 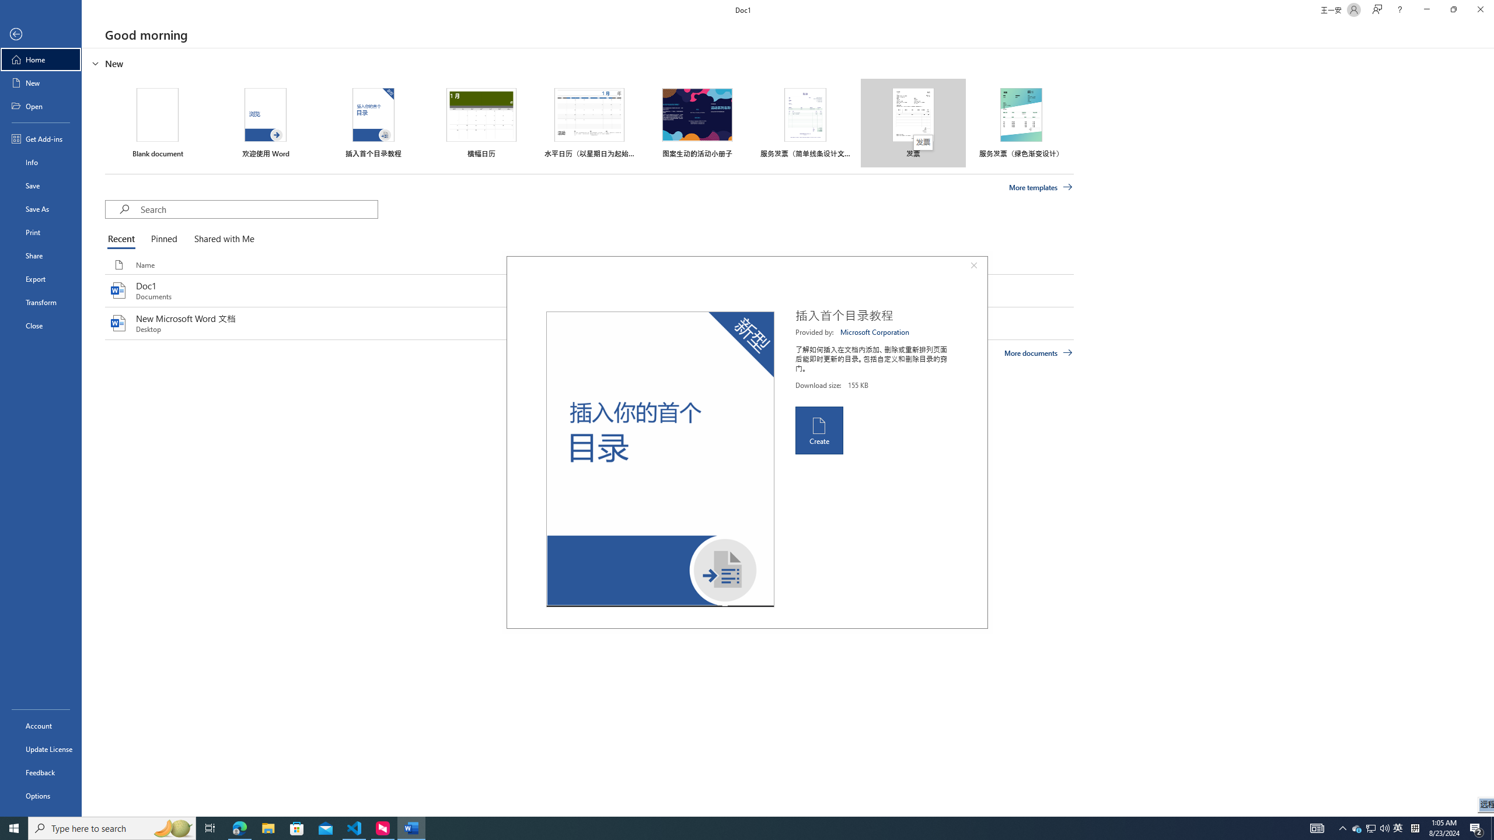 I want to click on 'Account', so click(x=40, y=726).